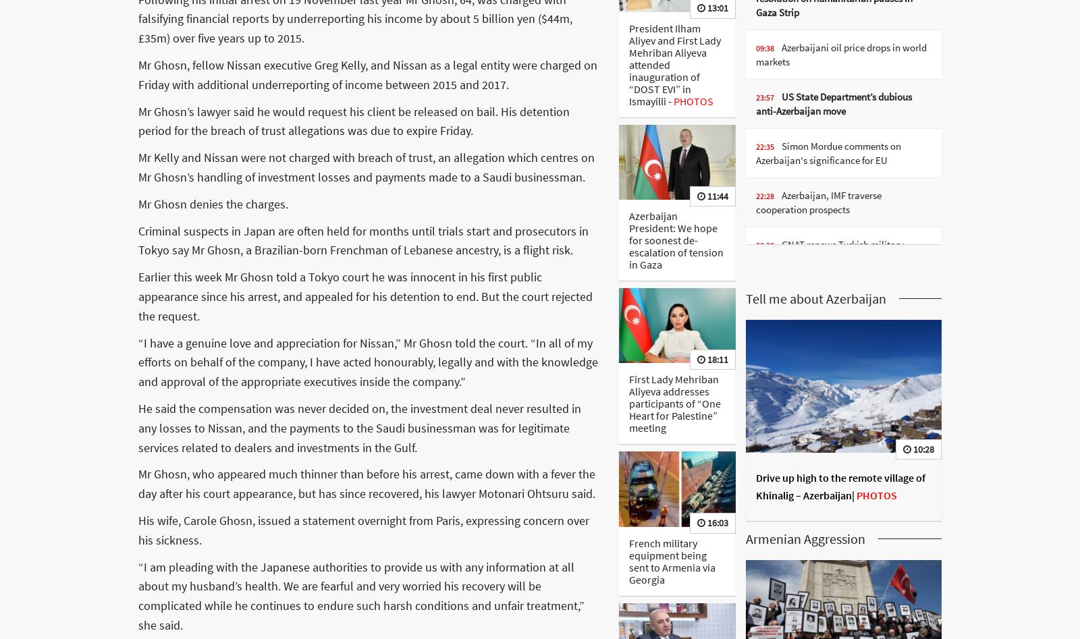 This screenshot has height=639, width=1080. I want to click on '18:11', so click(715, 358).